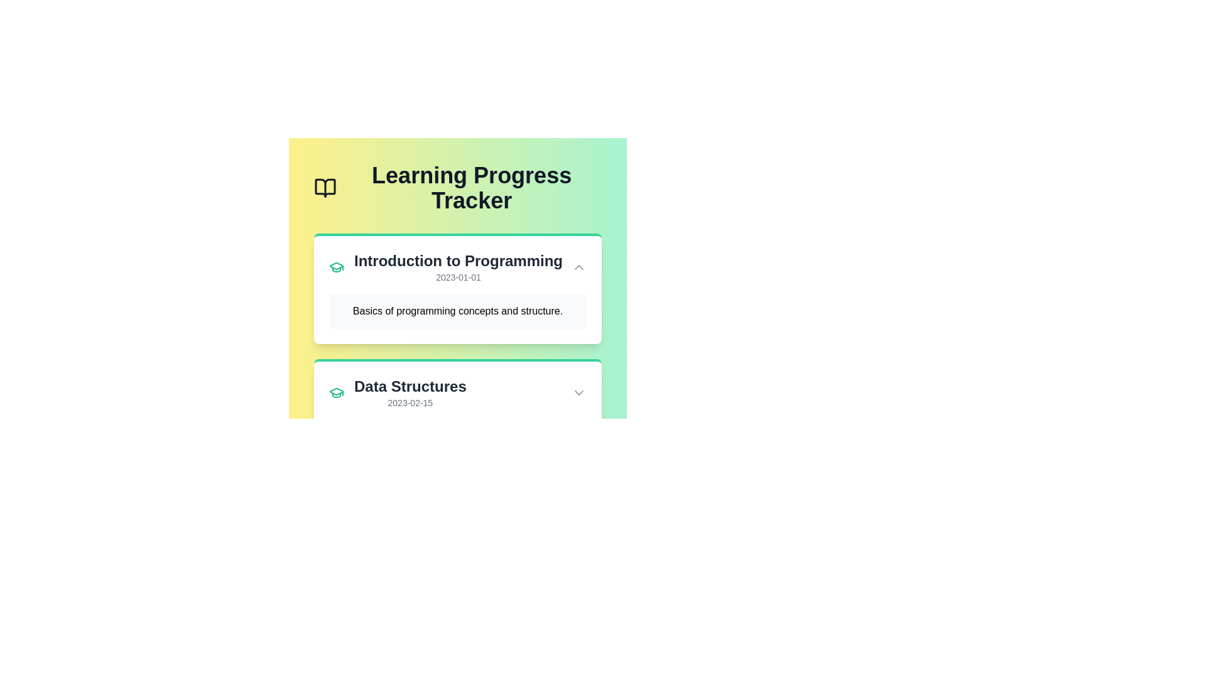 The height and width of the screenshot is (678, 1206). Describe the element at coordinates (397, 392) in the screenshot. I see `the icon of the 'Data Structures' learning module, which is the second entry in the Learning Progress Tracker section, to interact with it` at that location.